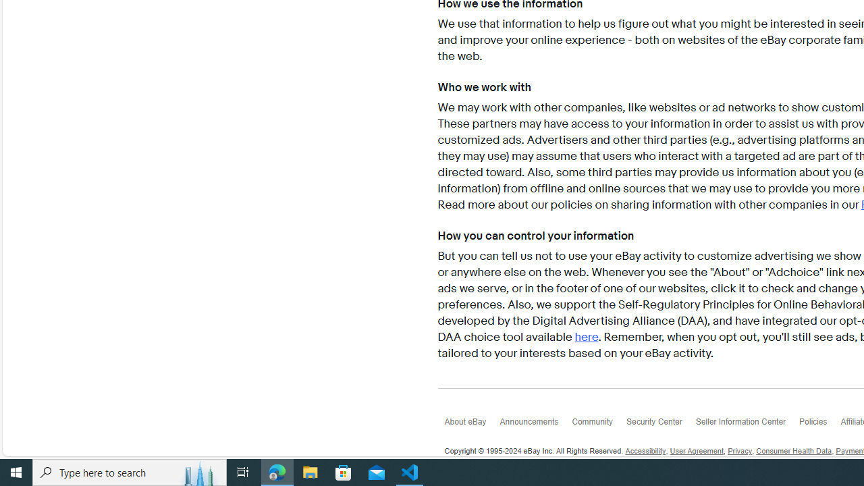  What do you see at coordinates (747, 424) in the screenshot?
I see `'Seller Information Center'` at bounding box center [747, 424].